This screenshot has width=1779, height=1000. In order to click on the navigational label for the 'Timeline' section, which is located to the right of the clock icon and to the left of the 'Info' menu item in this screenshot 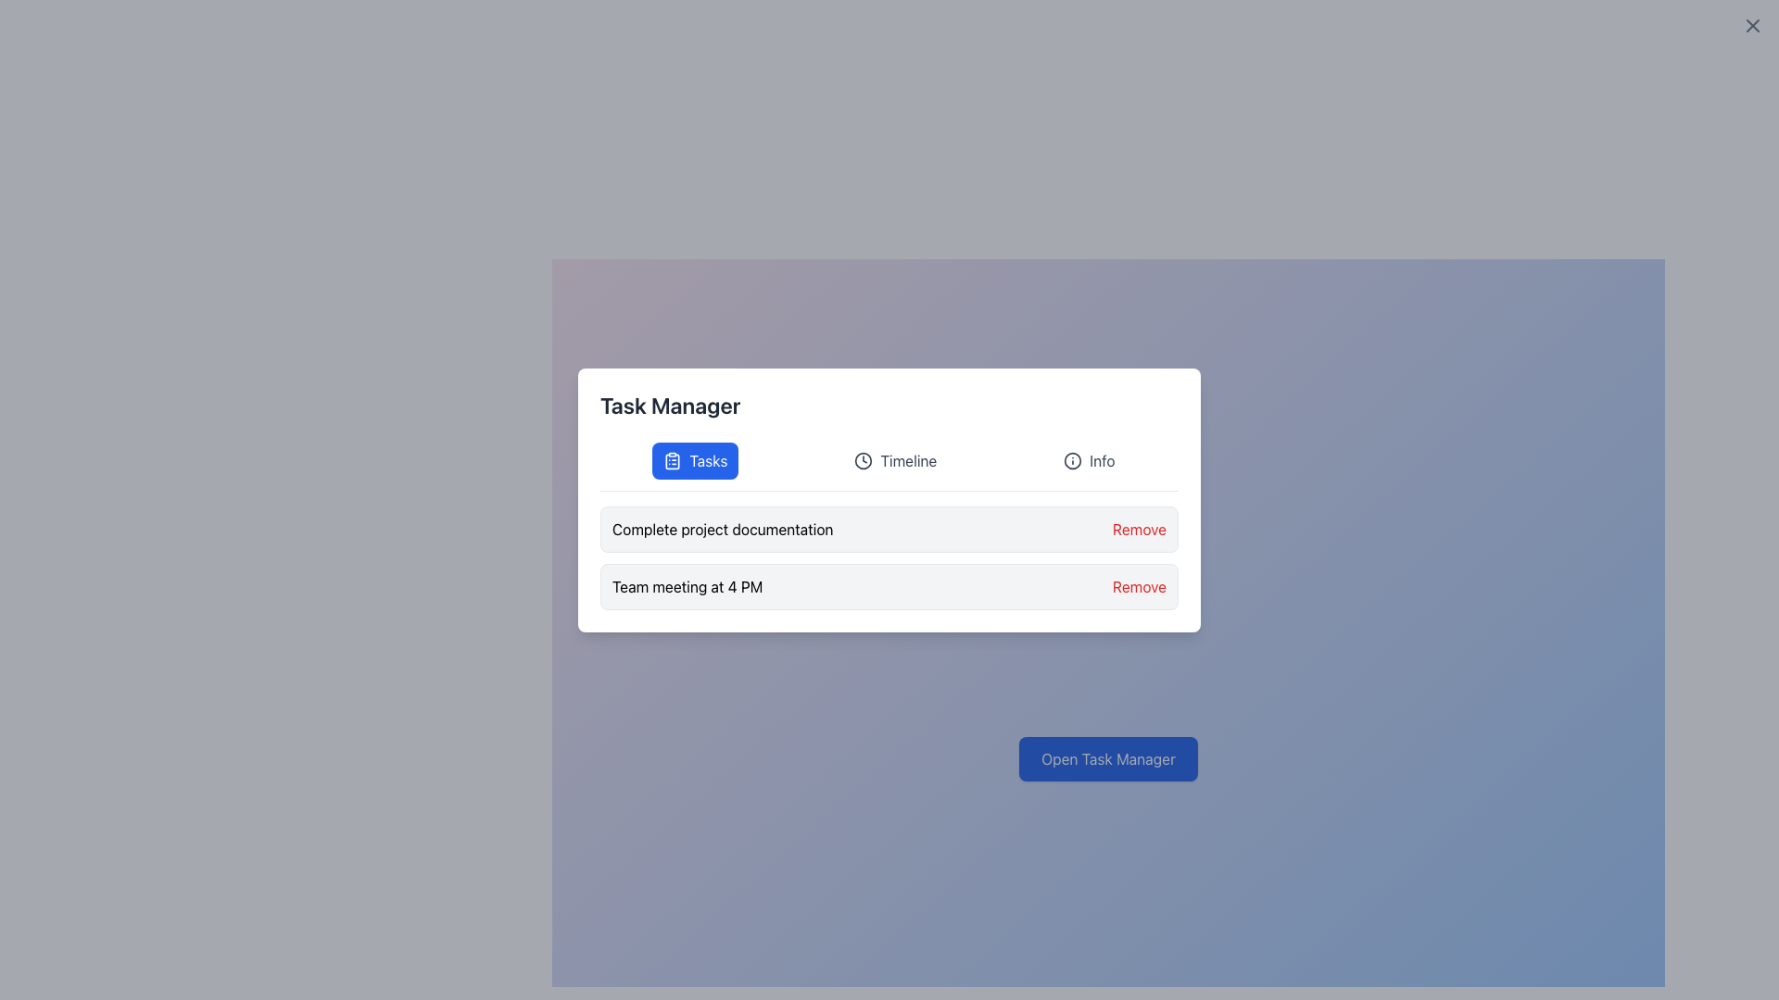, I will do `click(908, 459)`.